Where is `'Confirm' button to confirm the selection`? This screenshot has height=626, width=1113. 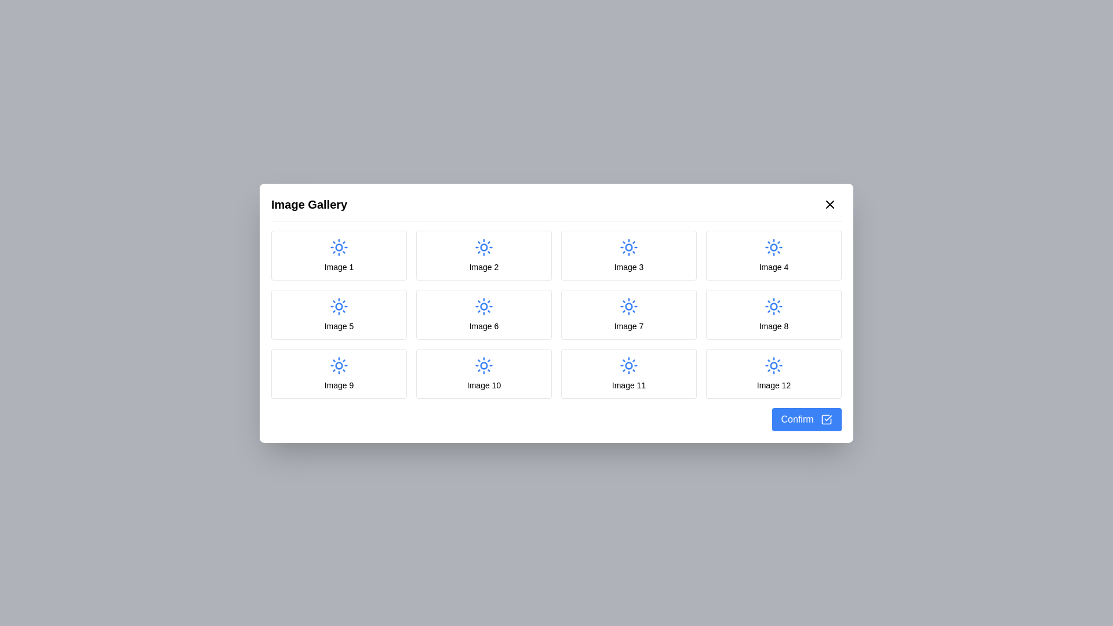 'Confirm' button to confirm the selection is located at coordinates (806, 419).